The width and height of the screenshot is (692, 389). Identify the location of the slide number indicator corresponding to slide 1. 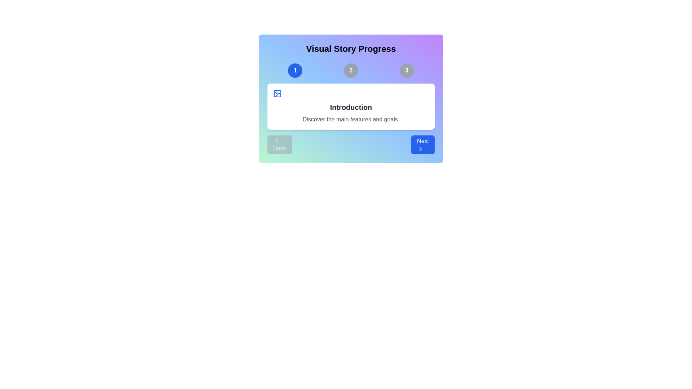
(295, 71).